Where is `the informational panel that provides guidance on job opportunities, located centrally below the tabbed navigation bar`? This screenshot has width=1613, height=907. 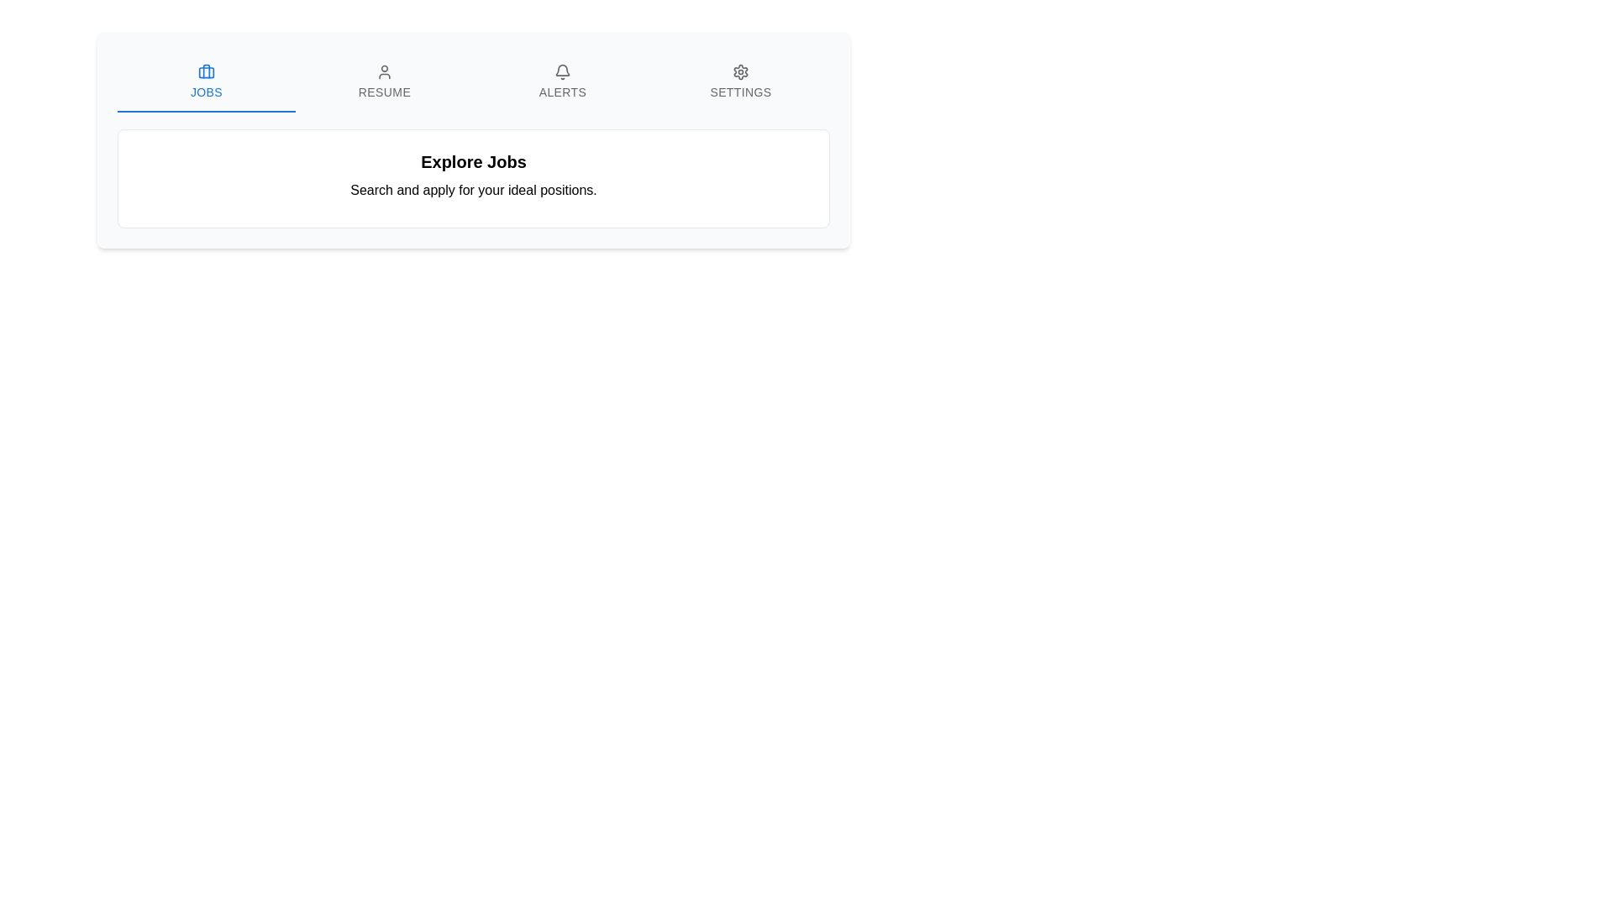 the informational panel that provides guidance on job opportunities, located centrally below the tabbed navigation bar is located at coordinates (473, 178).